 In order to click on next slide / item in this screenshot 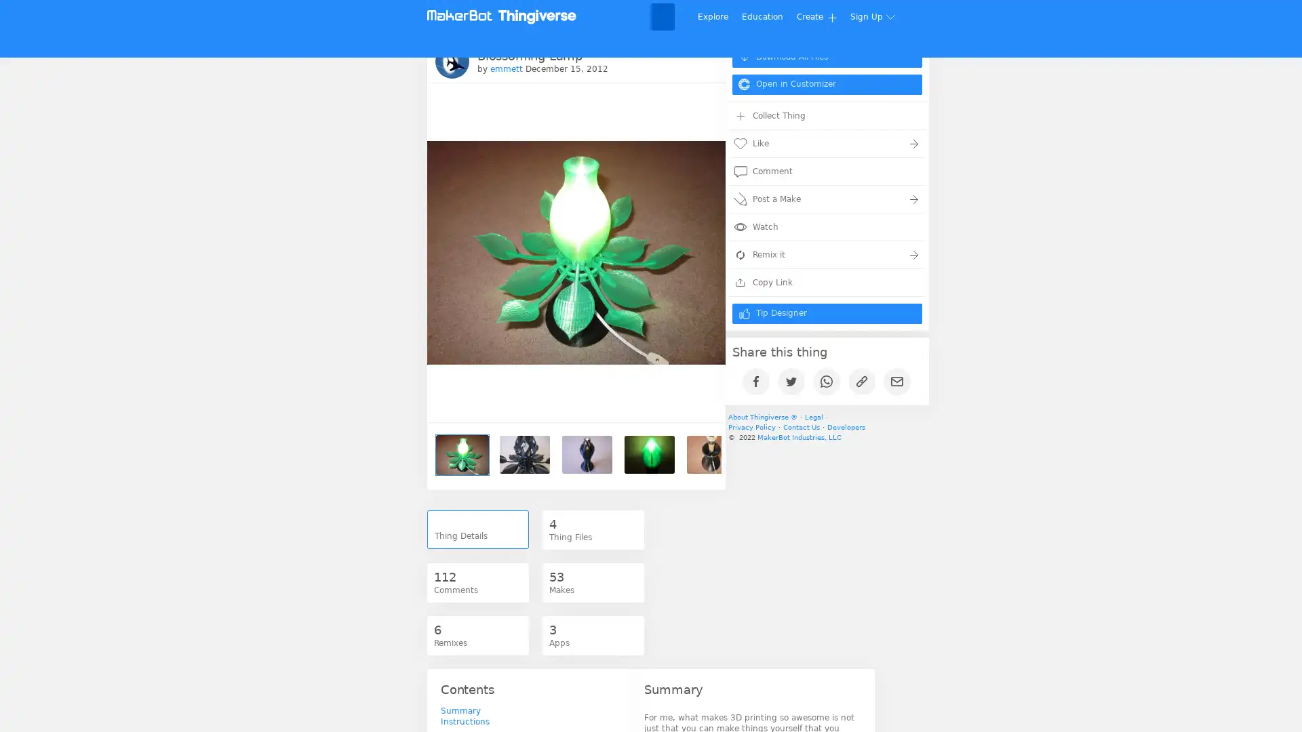, I will do `click(697, 454)`.